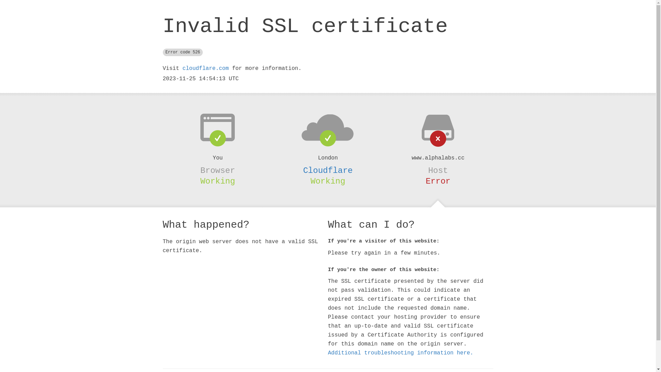  Describe the element at coordinates (327, 170) in the screenshot. I see `'Cloudflare'` at that location.